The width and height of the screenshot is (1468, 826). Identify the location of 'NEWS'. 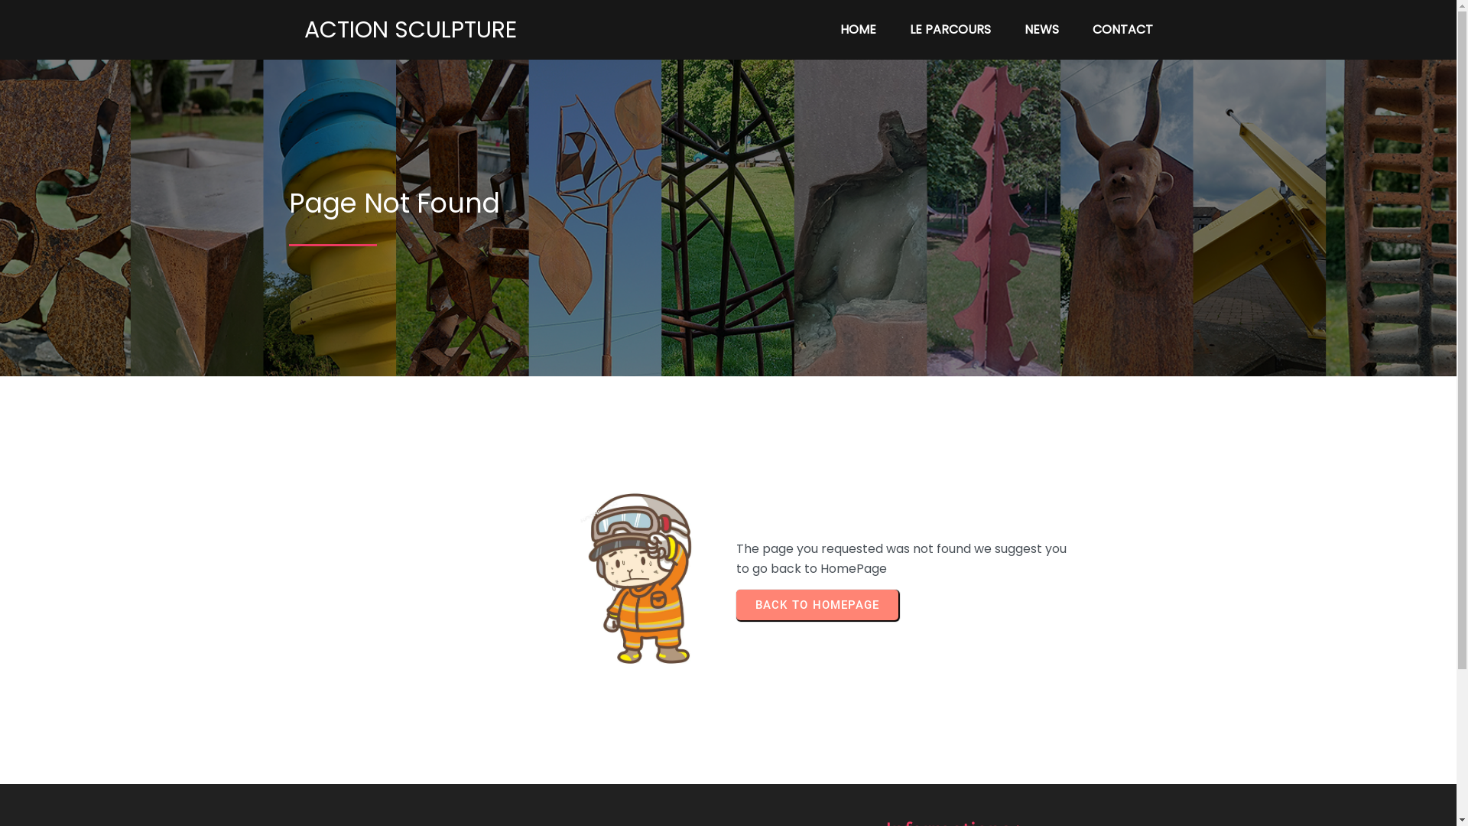
(1041, 29).